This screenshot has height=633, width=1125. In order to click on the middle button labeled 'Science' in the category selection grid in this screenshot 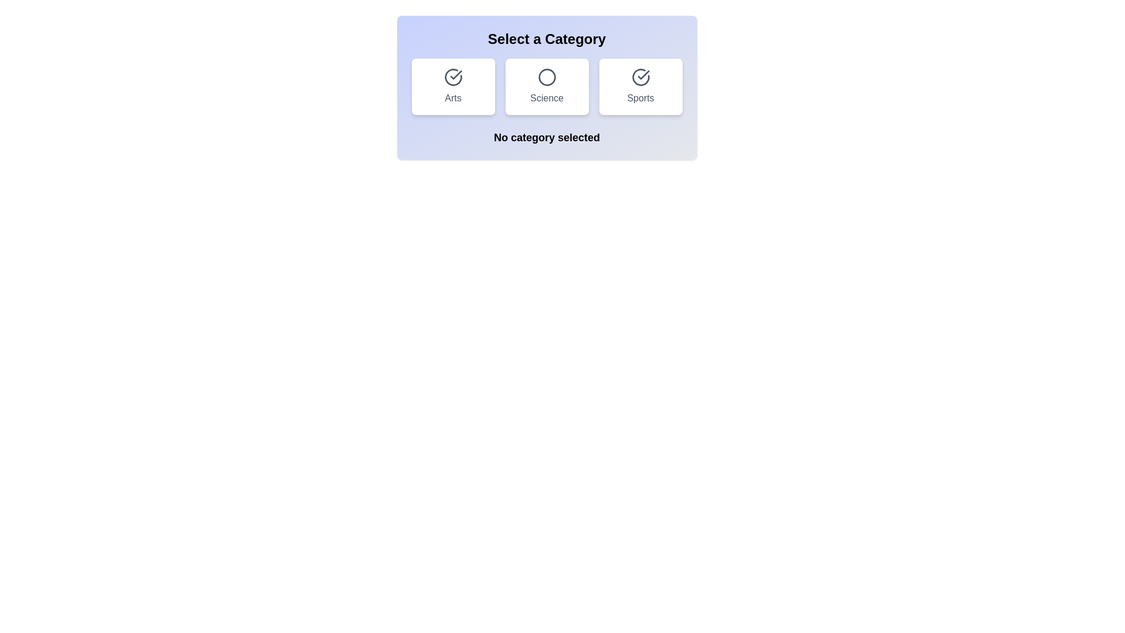, I will do `click(546, 86)`.